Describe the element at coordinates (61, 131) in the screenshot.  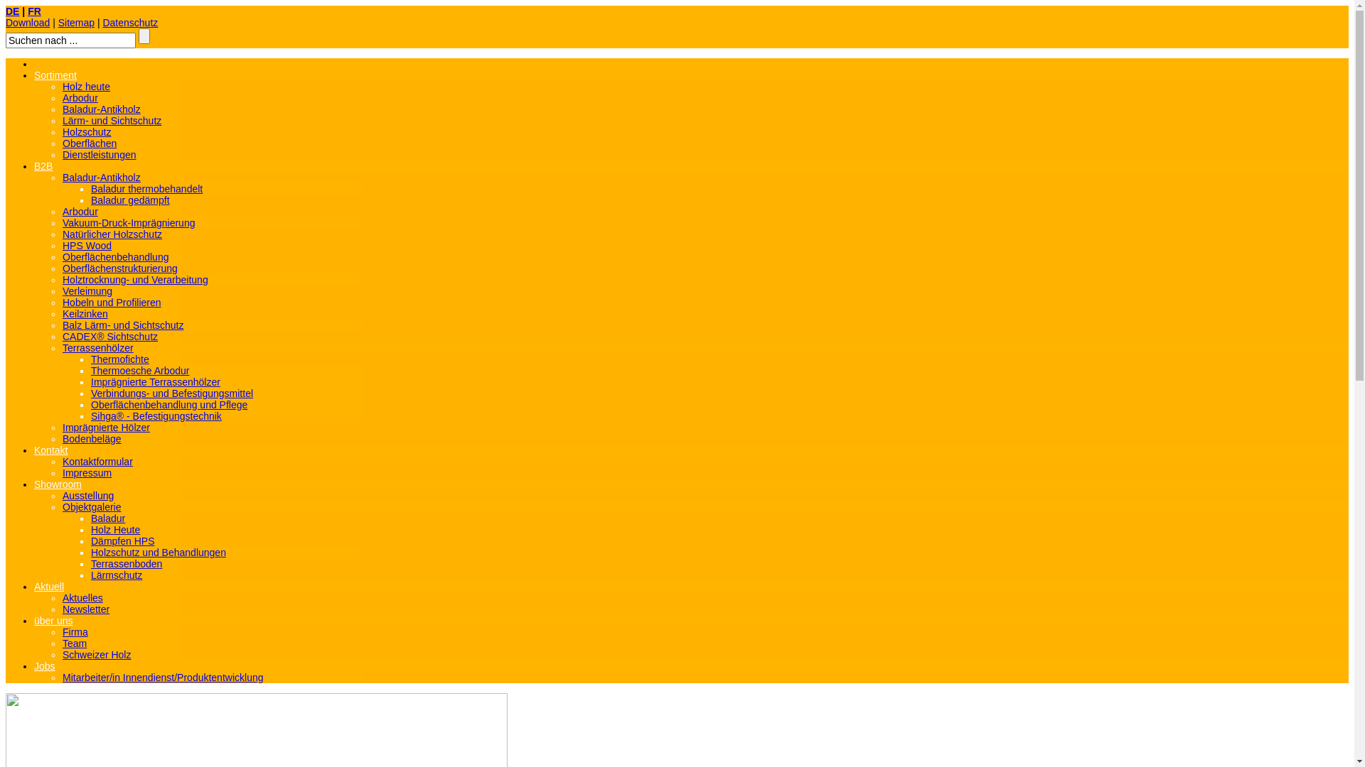
I see `'Holzschutz'` at that location.